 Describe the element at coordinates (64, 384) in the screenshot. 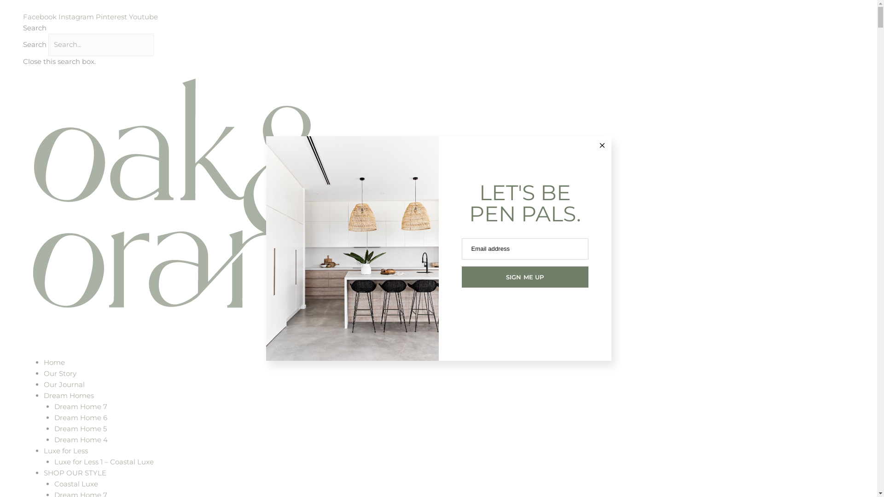

I see `'Our Journal'` at that location.